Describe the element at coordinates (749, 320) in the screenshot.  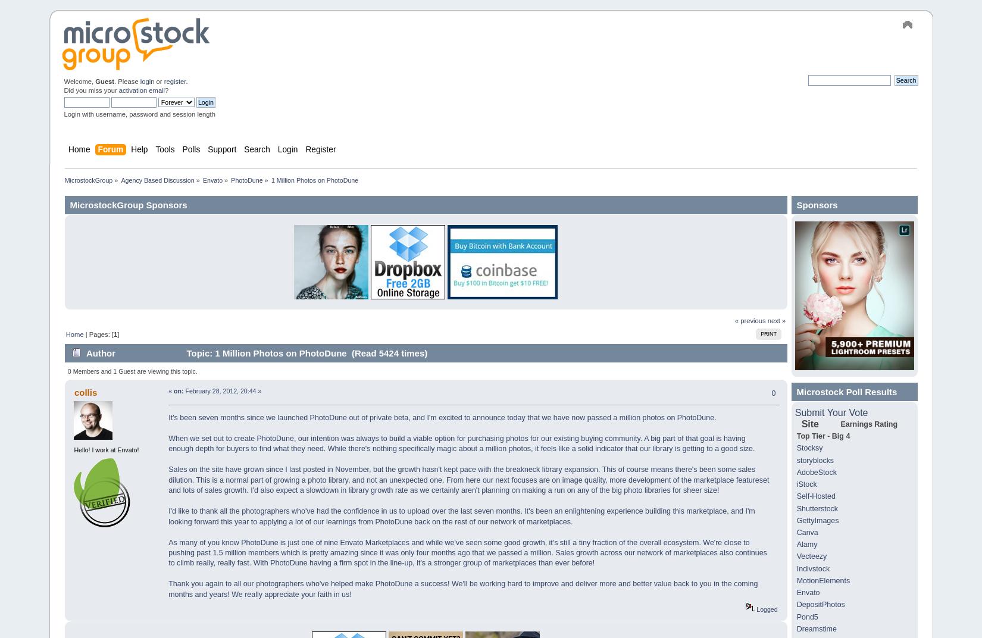
I see `'« previous'` at that location.